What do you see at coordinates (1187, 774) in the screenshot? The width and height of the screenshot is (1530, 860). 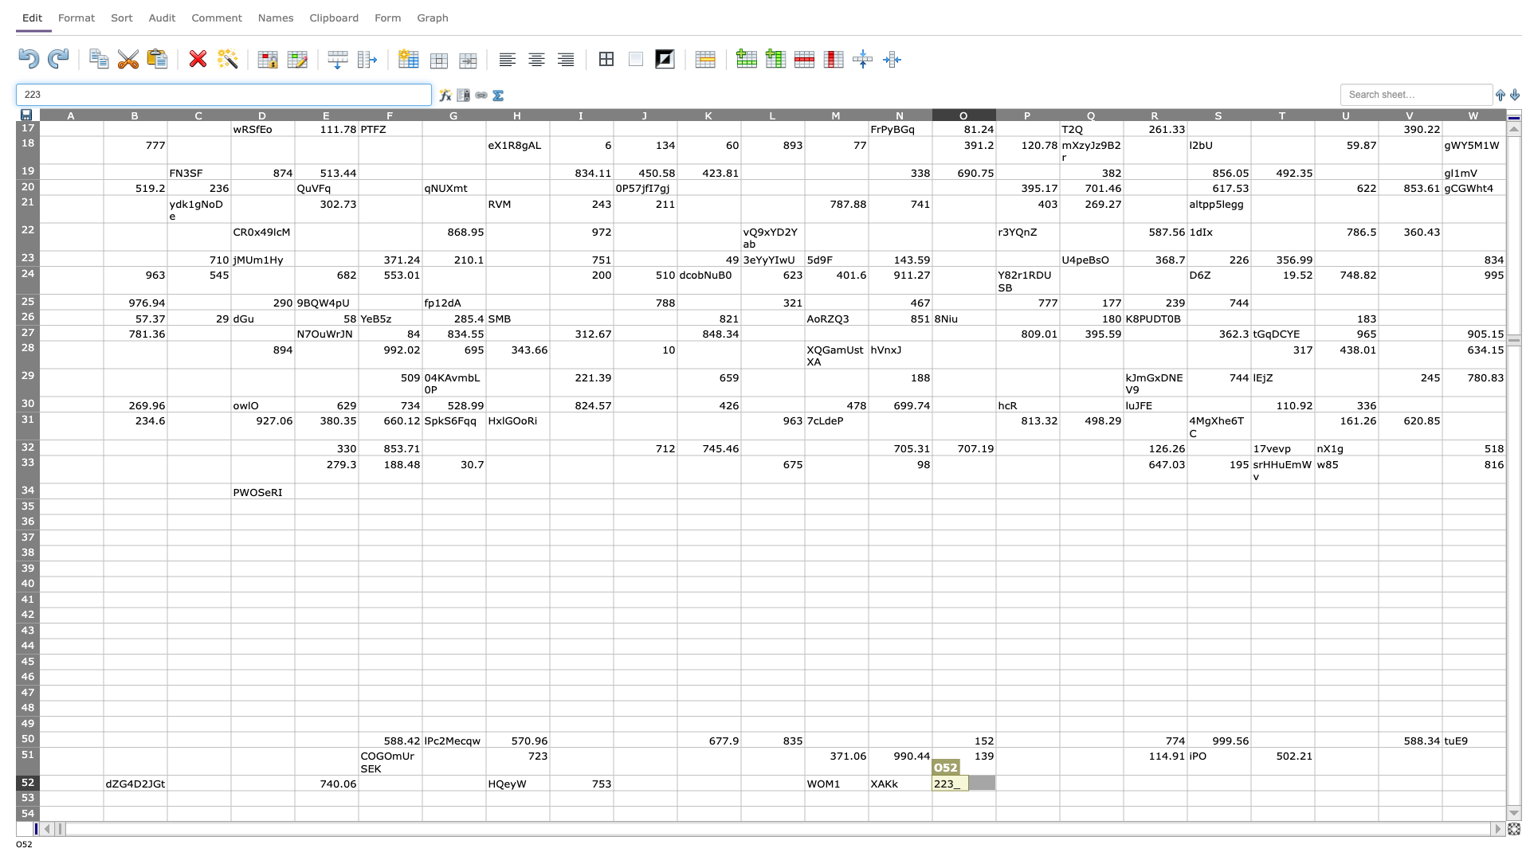 I see `Northwest corner of cell S52` at bounding box center [1187, 774].